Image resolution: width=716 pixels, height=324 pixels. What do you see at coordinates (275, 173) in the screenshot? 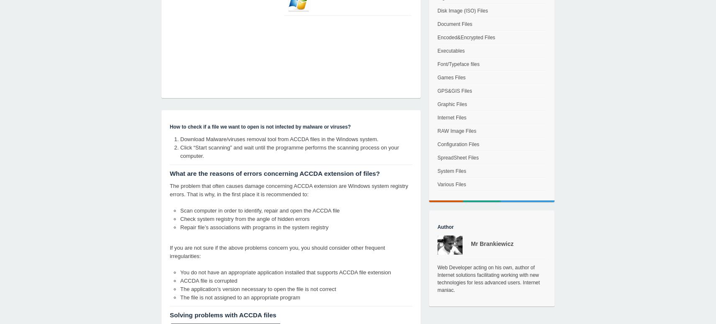
I see `'What are the reasons of errors concerning ACCDA extension of files?'` at bounding box center [275, 173].